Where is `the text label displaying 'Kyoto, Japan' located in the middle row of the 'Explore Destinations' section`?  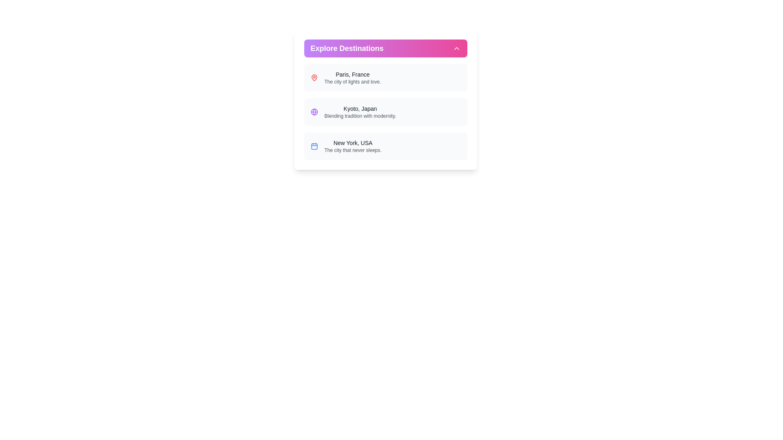 the text label displaying 'Kyoto, Japan' located in the middle row of the 'Explore Destinations' section is located at coordinates (360, 108).